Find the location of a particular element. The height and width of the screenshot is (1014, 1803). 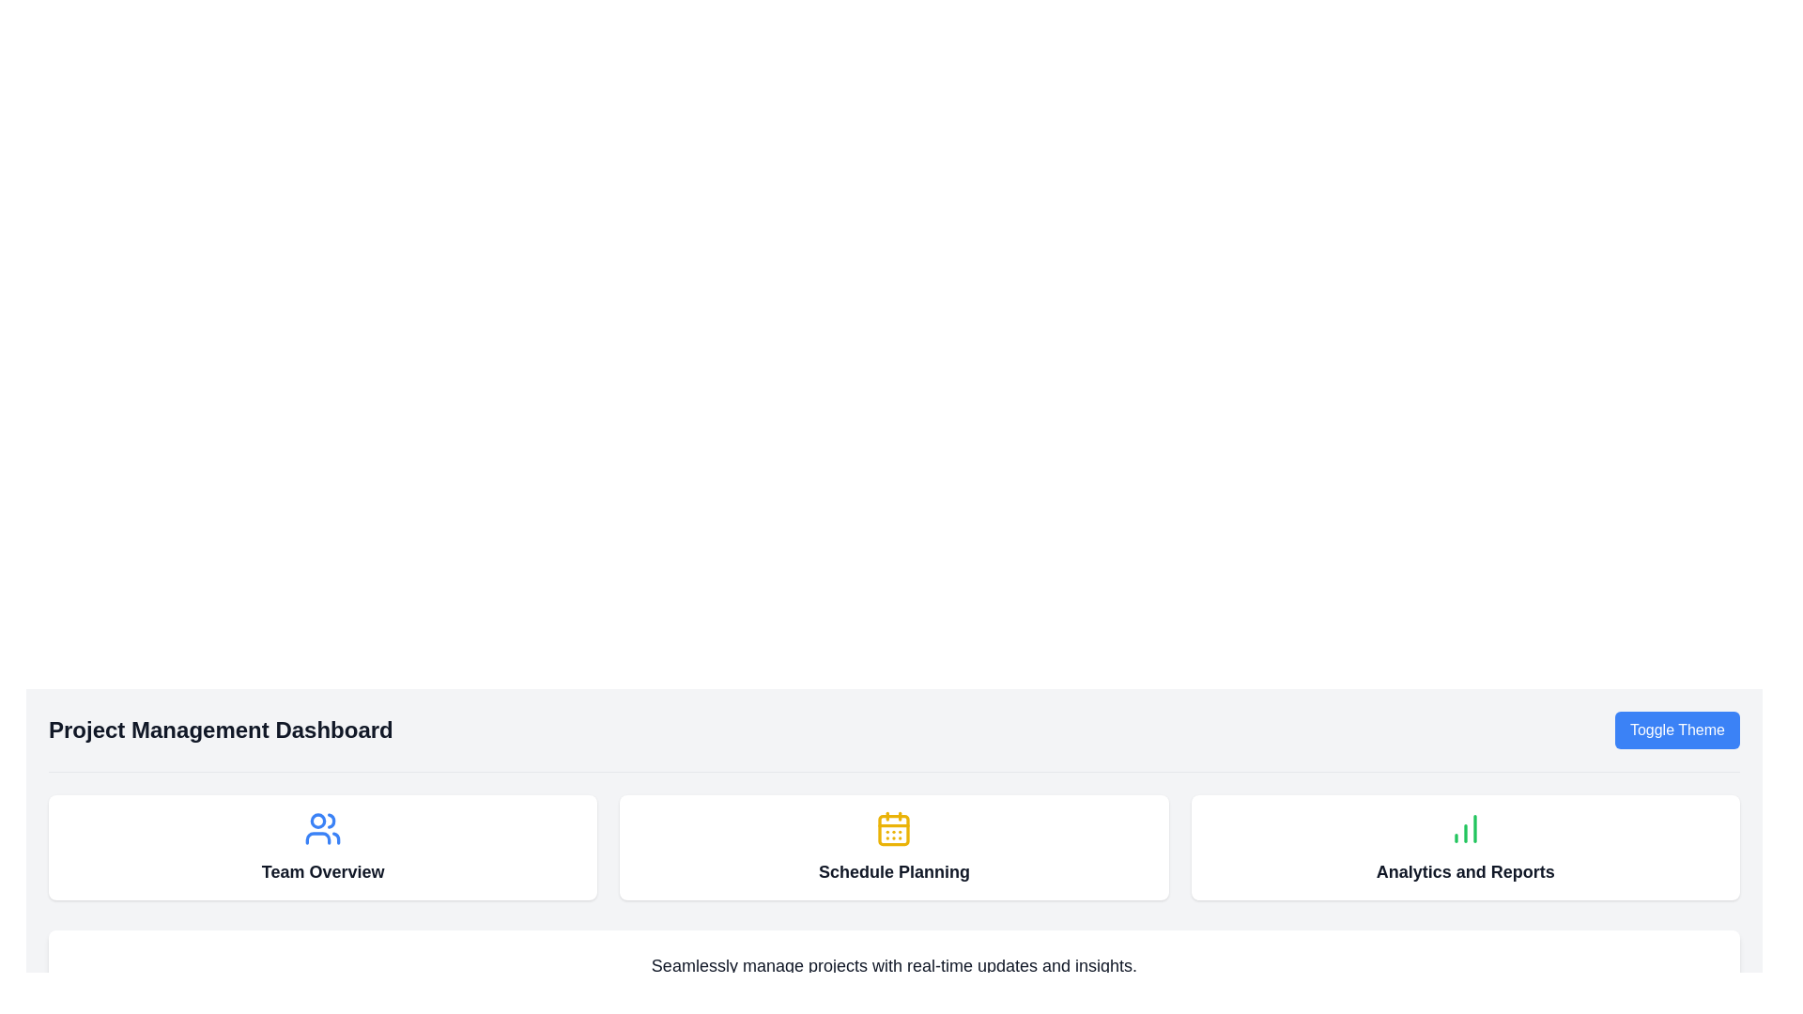

static text label that serves as the title for the 'Analytics and Reports' section of the dashboard, located in the bottom portion of the rightmost card is located at coordinates (1464, 872).